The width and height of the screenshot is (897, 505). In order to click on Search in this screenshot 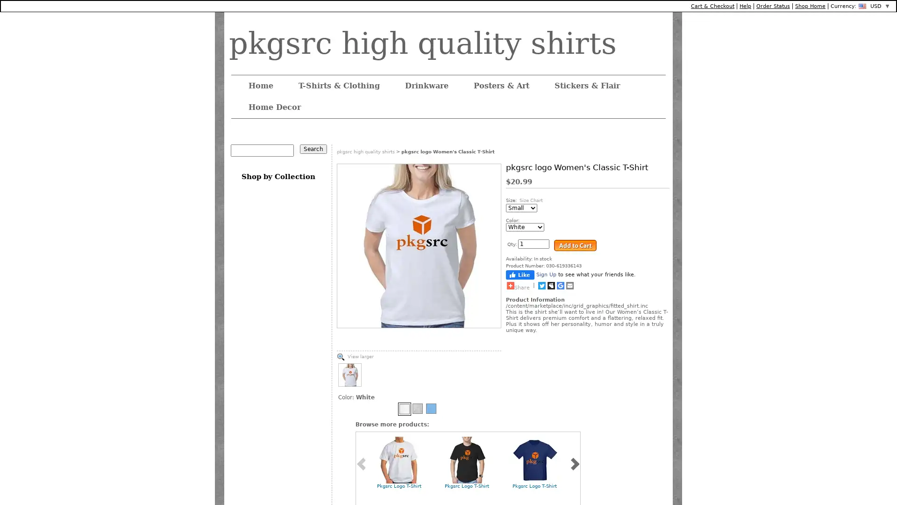, I will do `click(313, 149)`.